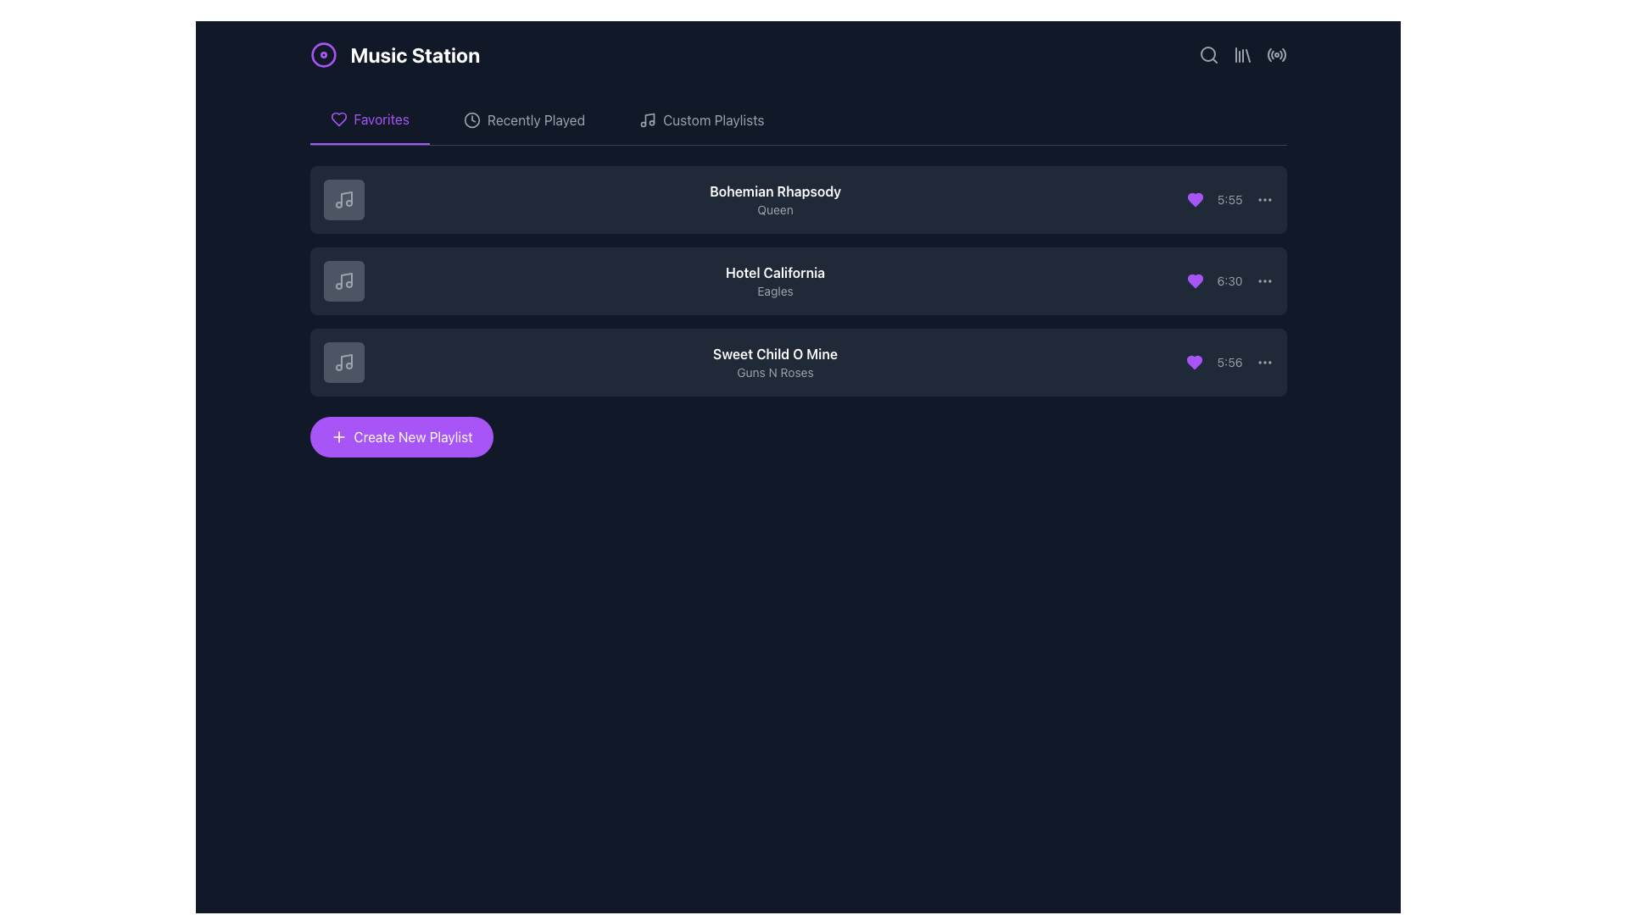 The height and width of the screenshot is (915, 1628). Describe the element at coordinates (1264, 198) in the screenshot. I see `the icon-based menu button, which consists of three horizontally aligned gray dots that turn white on hover, located at the far-right end of the '5:55' label in the first row of the playlist items` at that location.